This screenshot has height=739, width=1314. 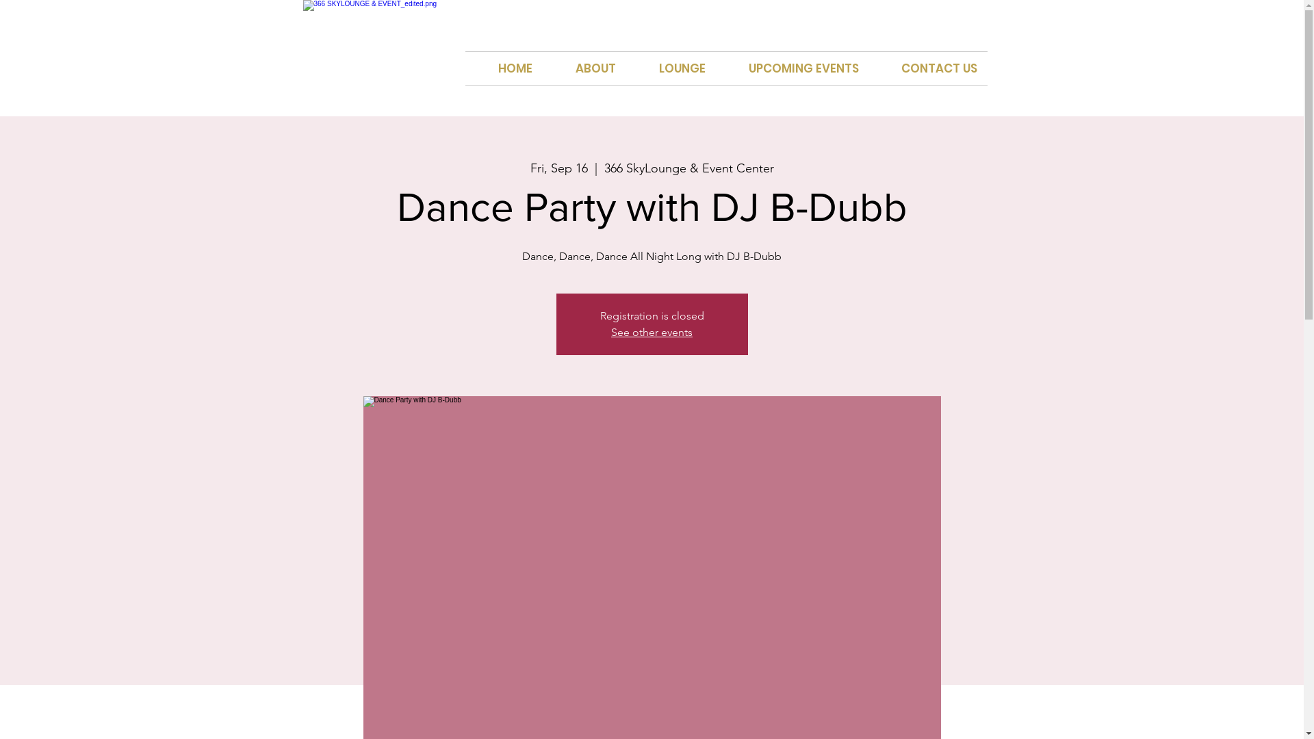 What do you see at coordinates (670, 68) in the screenshot?
I see `'LOUNGE'` at bounding box center [670, 68].